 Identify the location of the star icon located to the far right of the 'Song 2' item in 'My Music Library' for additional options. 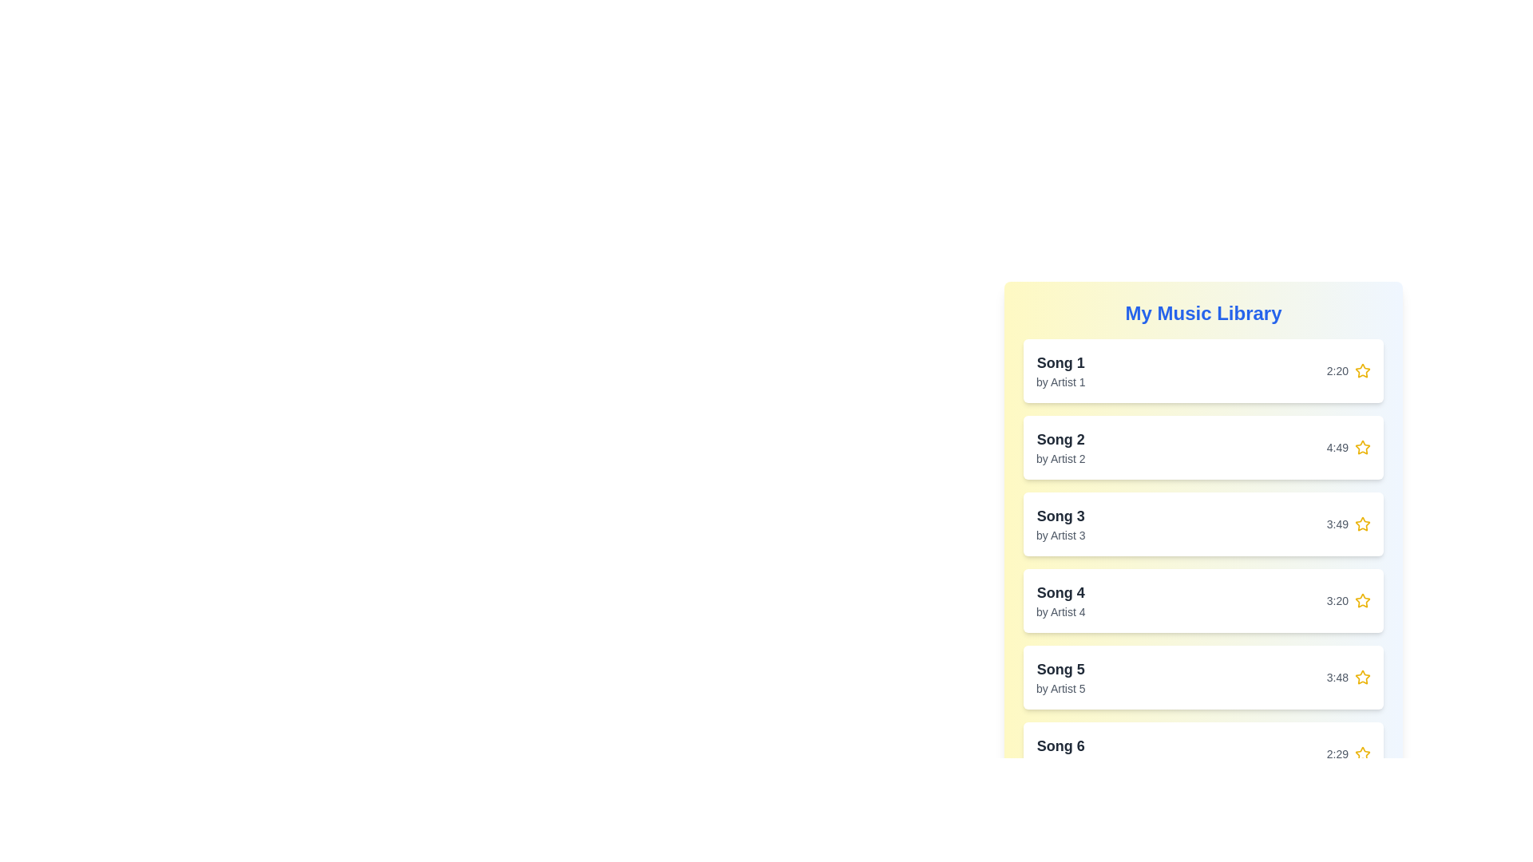
(1362, 447).